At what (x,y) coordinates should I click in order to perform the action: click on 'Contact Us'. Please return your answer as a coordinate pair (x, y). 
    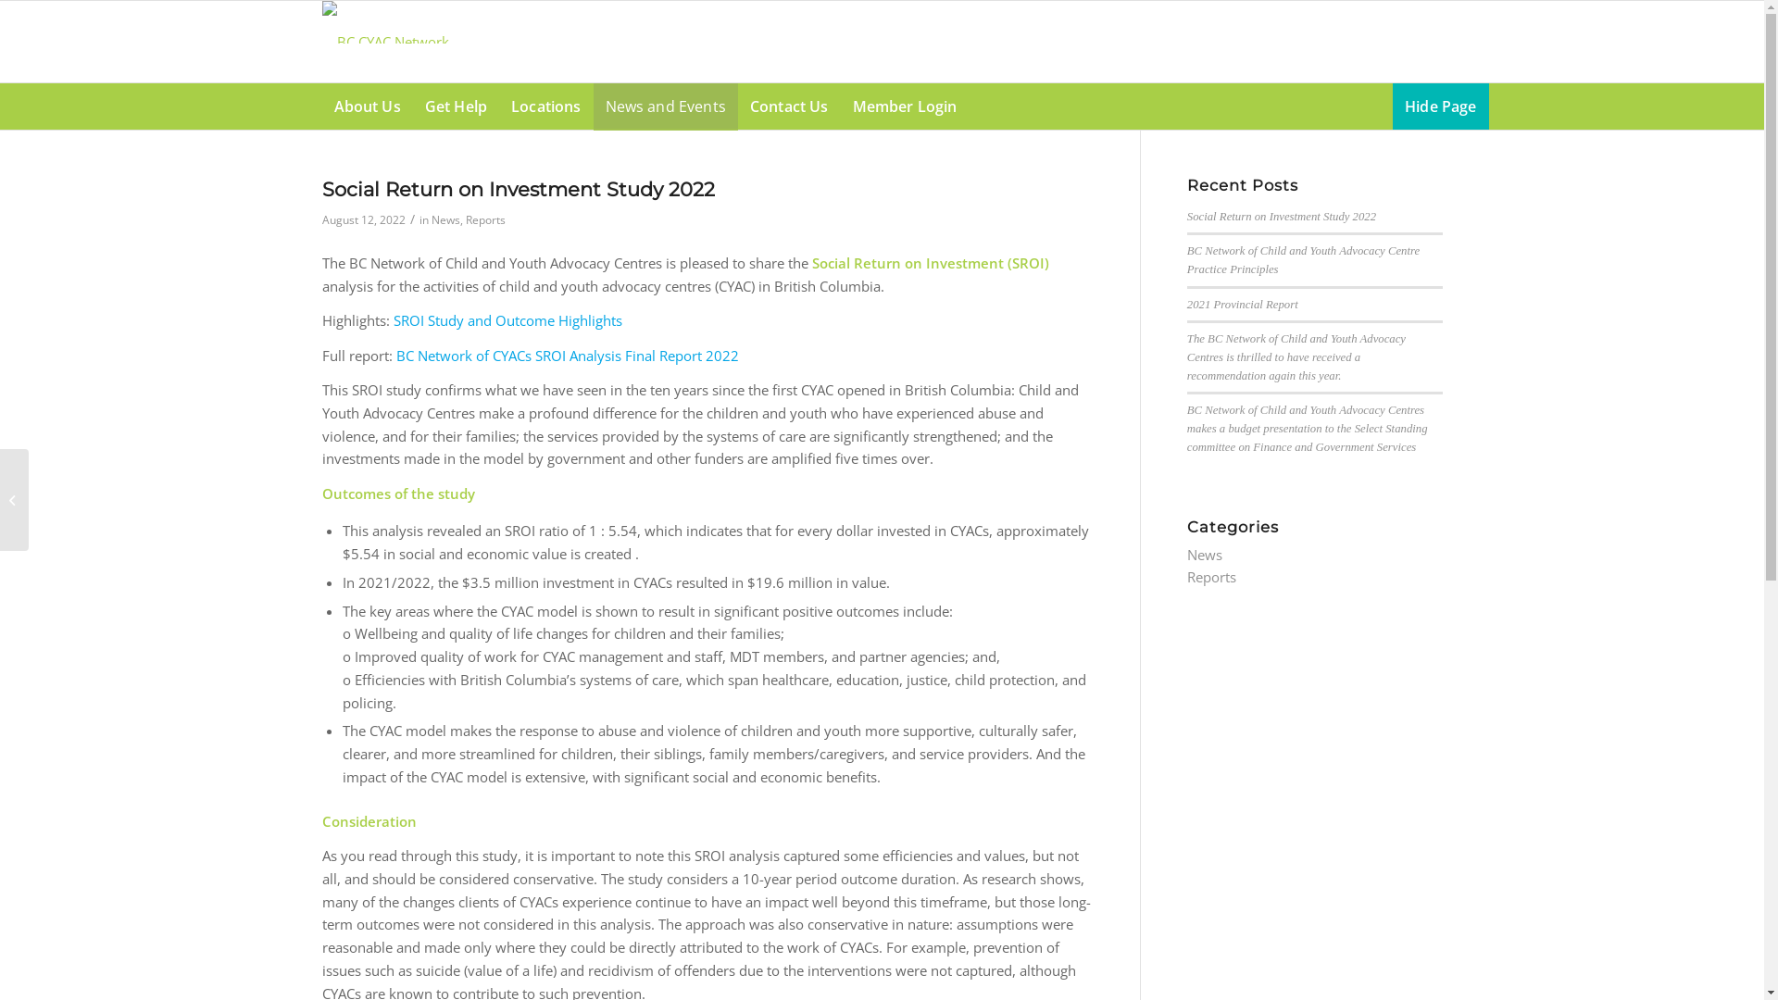
    Looking at the image, I should click on (789, 106).